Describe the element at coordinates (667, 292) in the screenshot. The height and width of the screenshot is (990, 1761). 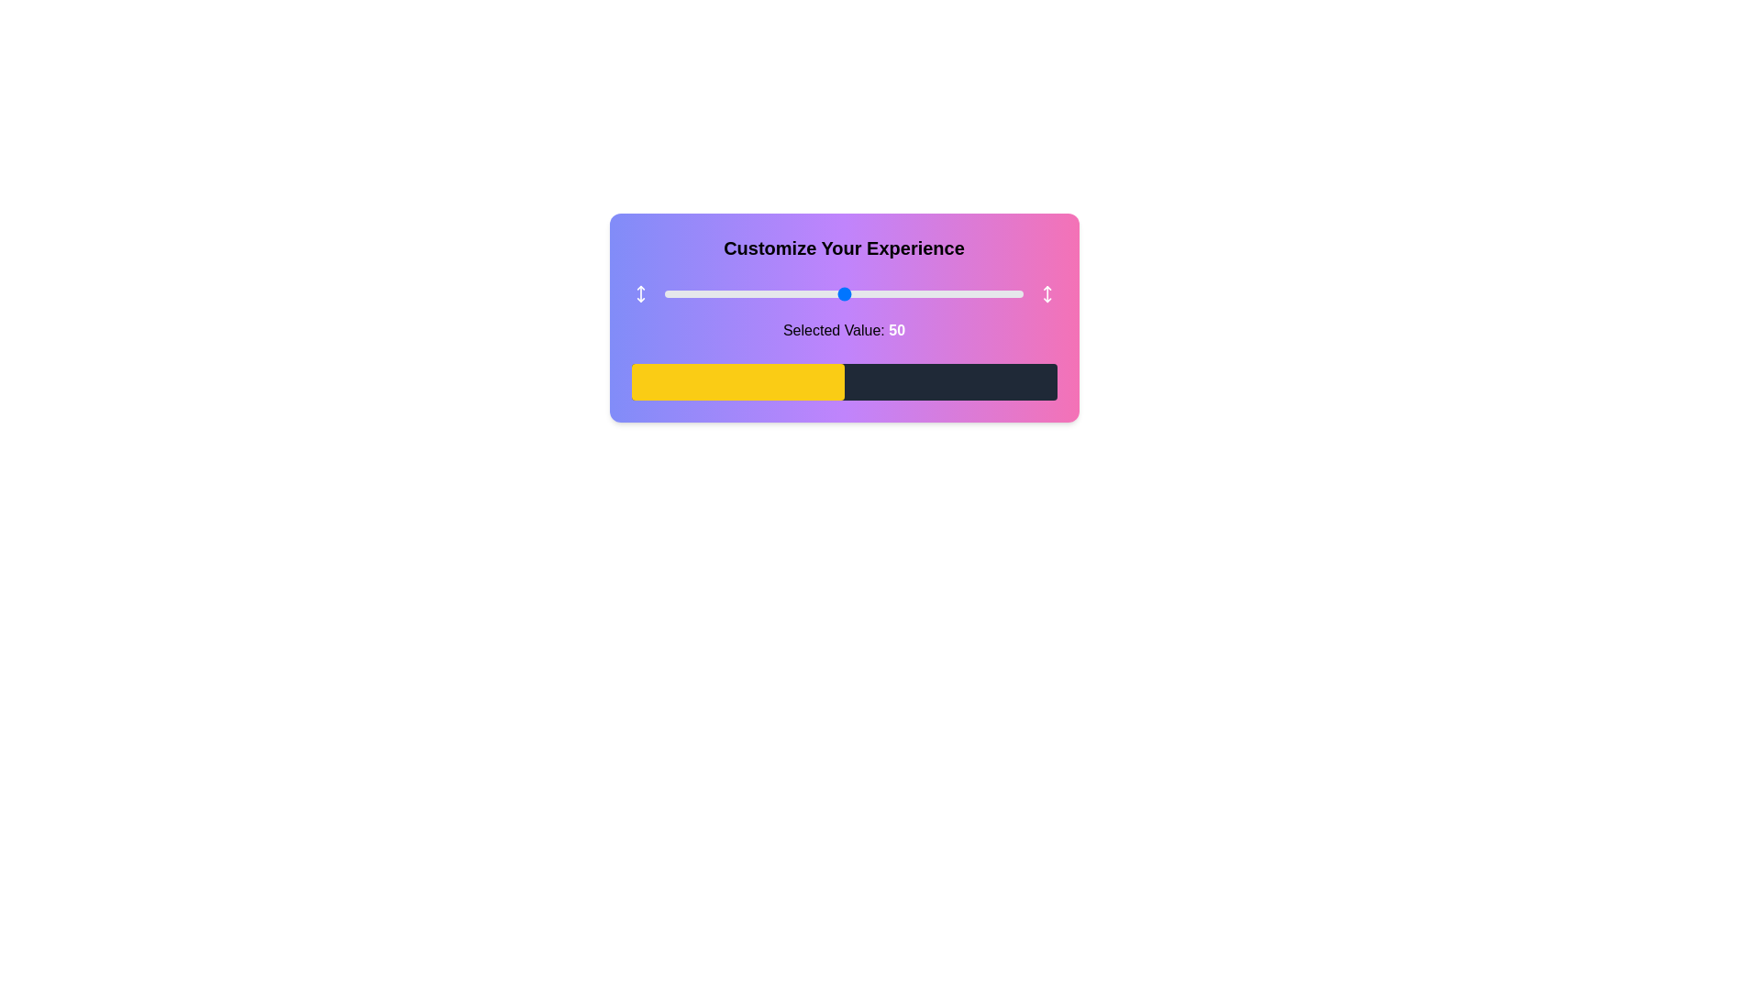
I see `the slider to set its value to 1` at that location.